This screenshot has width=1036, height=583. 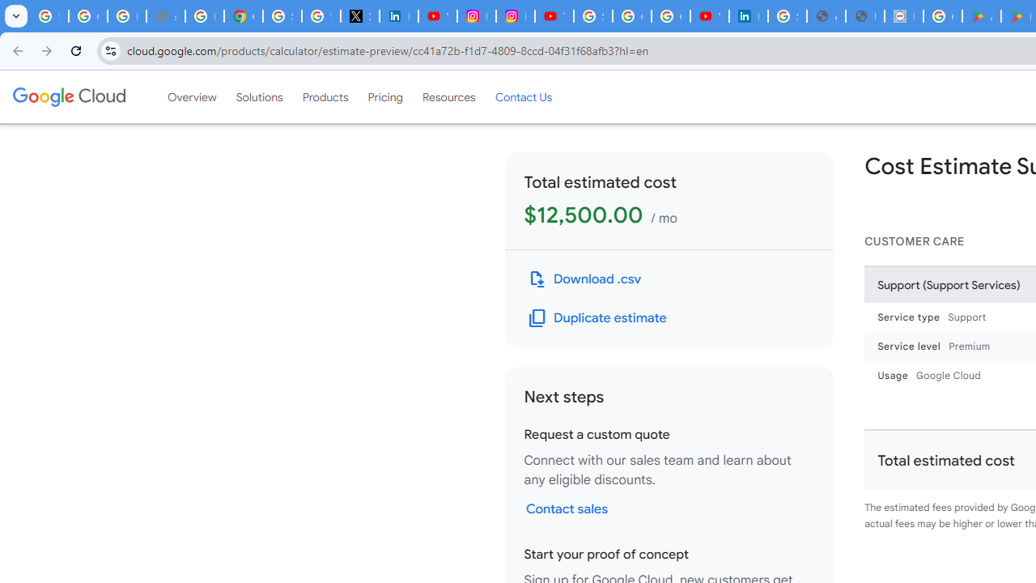 What do you see at coordinates (902, 16) in the screenshot?
I see `'Data Privacy Framework'` at bounding box center [902, 16].